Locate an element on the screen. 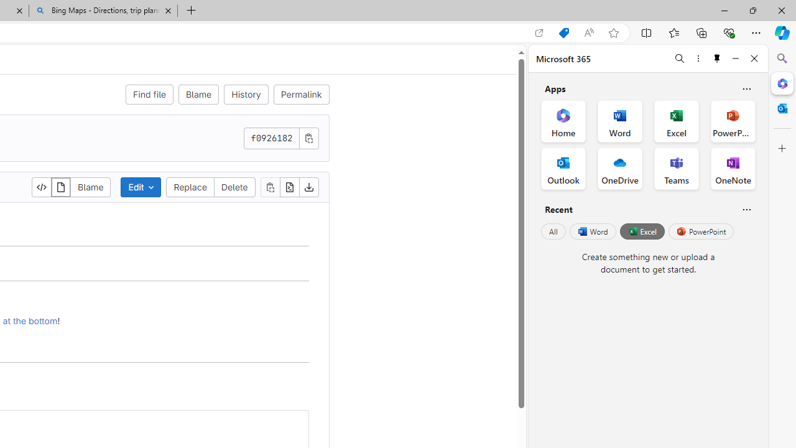 The image size is (796, 448). 'Outlook Office App' is located at coordinates (563, 169).